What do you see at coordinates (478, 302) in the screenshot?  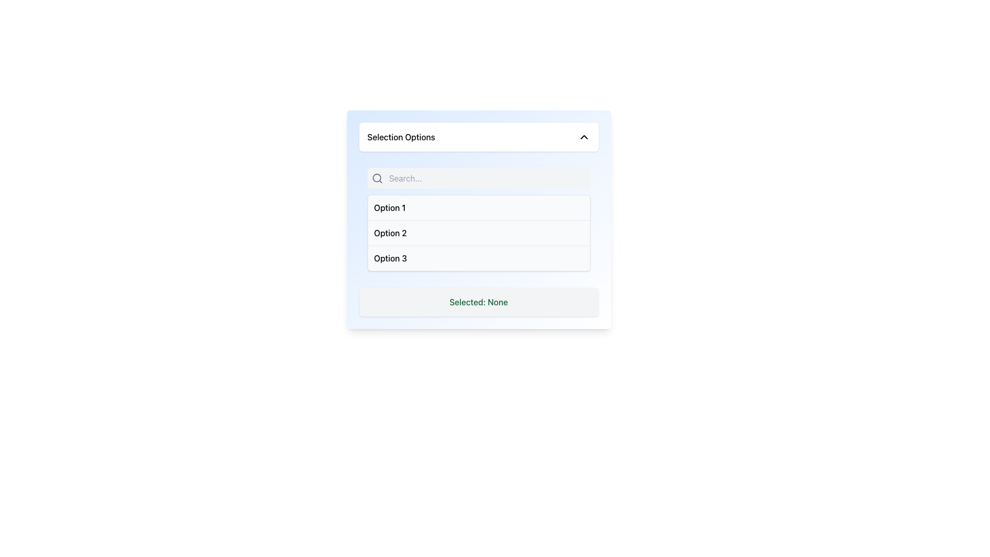 I see `the text label element displaying 'Selected: None' in a medium green font, located inside a light gray rounded rectangle box at the bottom of the interface` at bounding box center [478, 302].